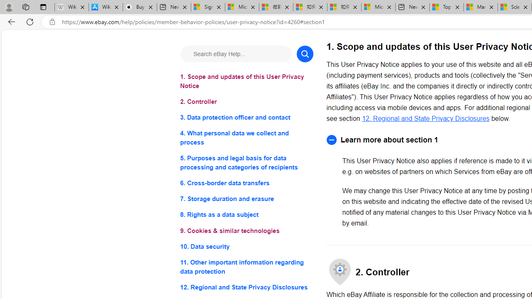 The image size is (532, 299). I want to click on '10. Data security', so click(246, 246).